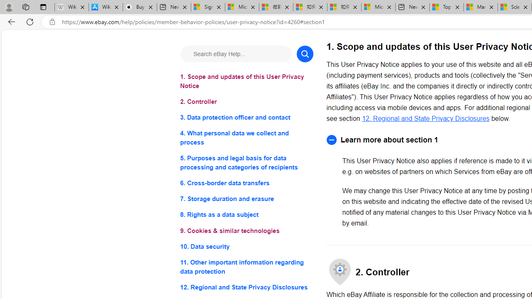 The image size is (532, 299). I want to click on '10. Data security', so click(246, 246).